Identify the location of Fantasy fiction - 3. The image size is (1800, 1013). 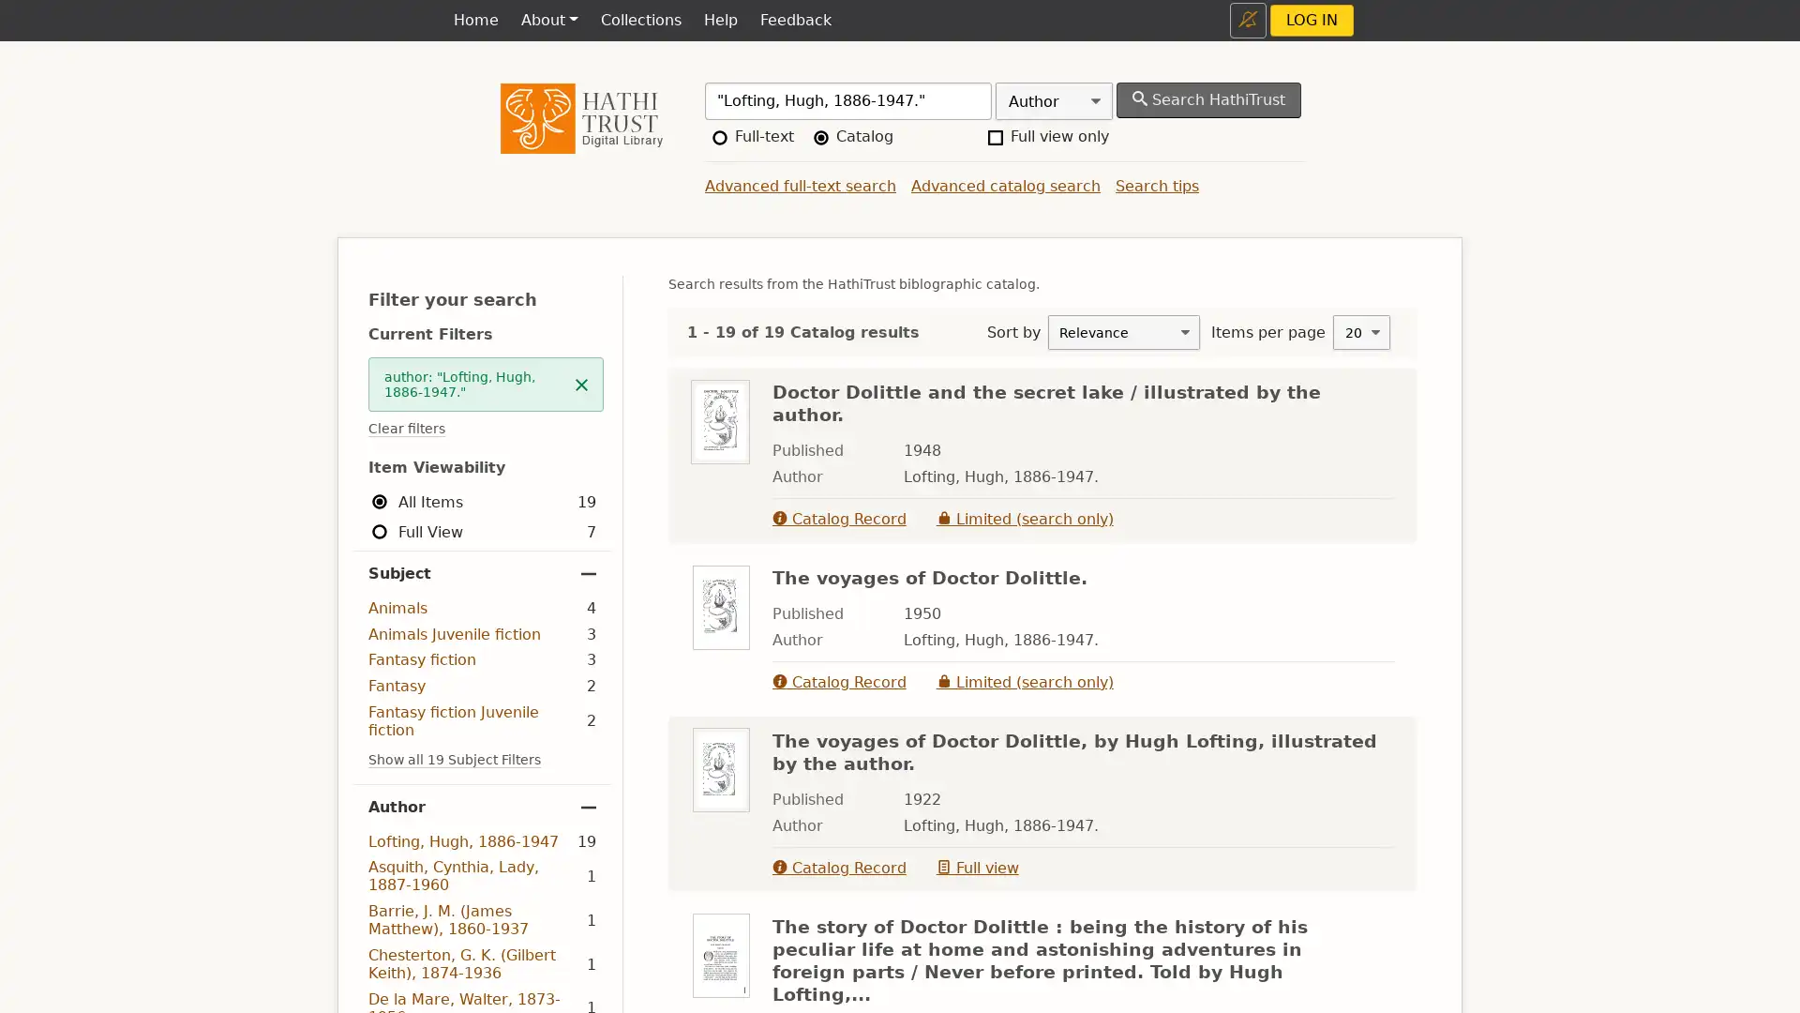
(482, 658).